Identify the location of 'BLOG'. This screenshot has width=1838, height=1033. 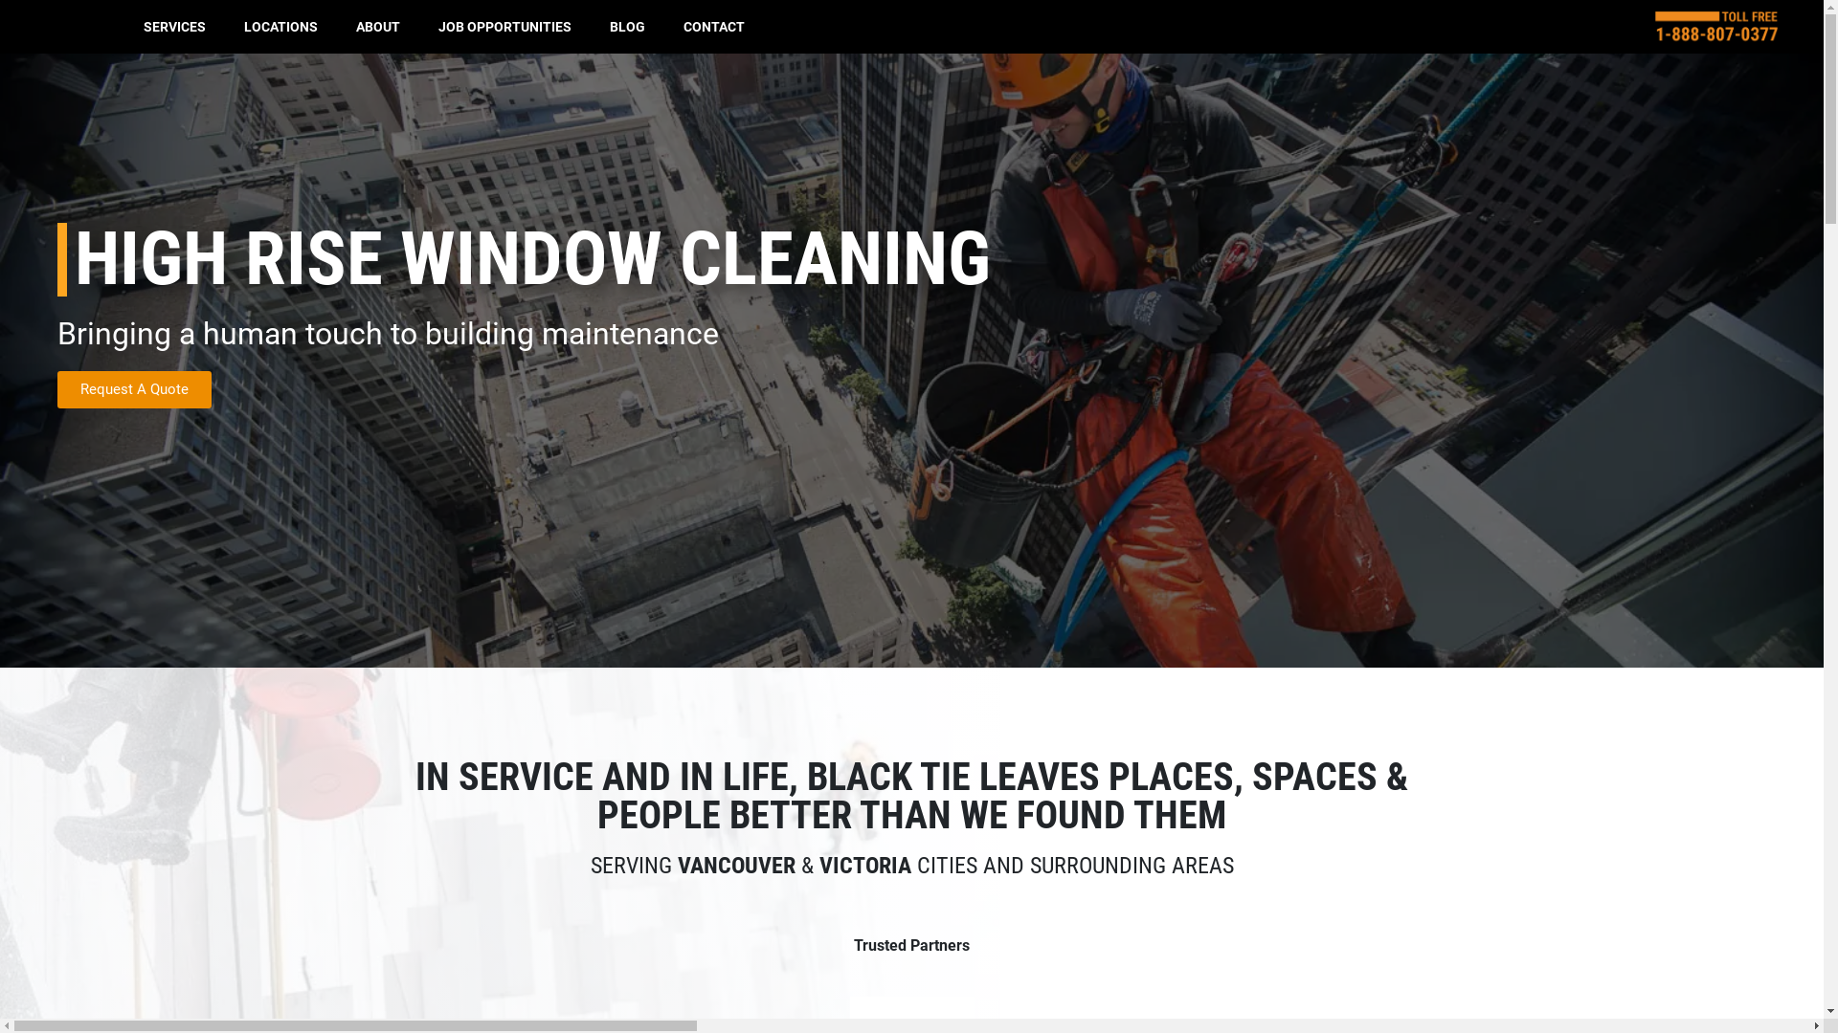
(627, 26).